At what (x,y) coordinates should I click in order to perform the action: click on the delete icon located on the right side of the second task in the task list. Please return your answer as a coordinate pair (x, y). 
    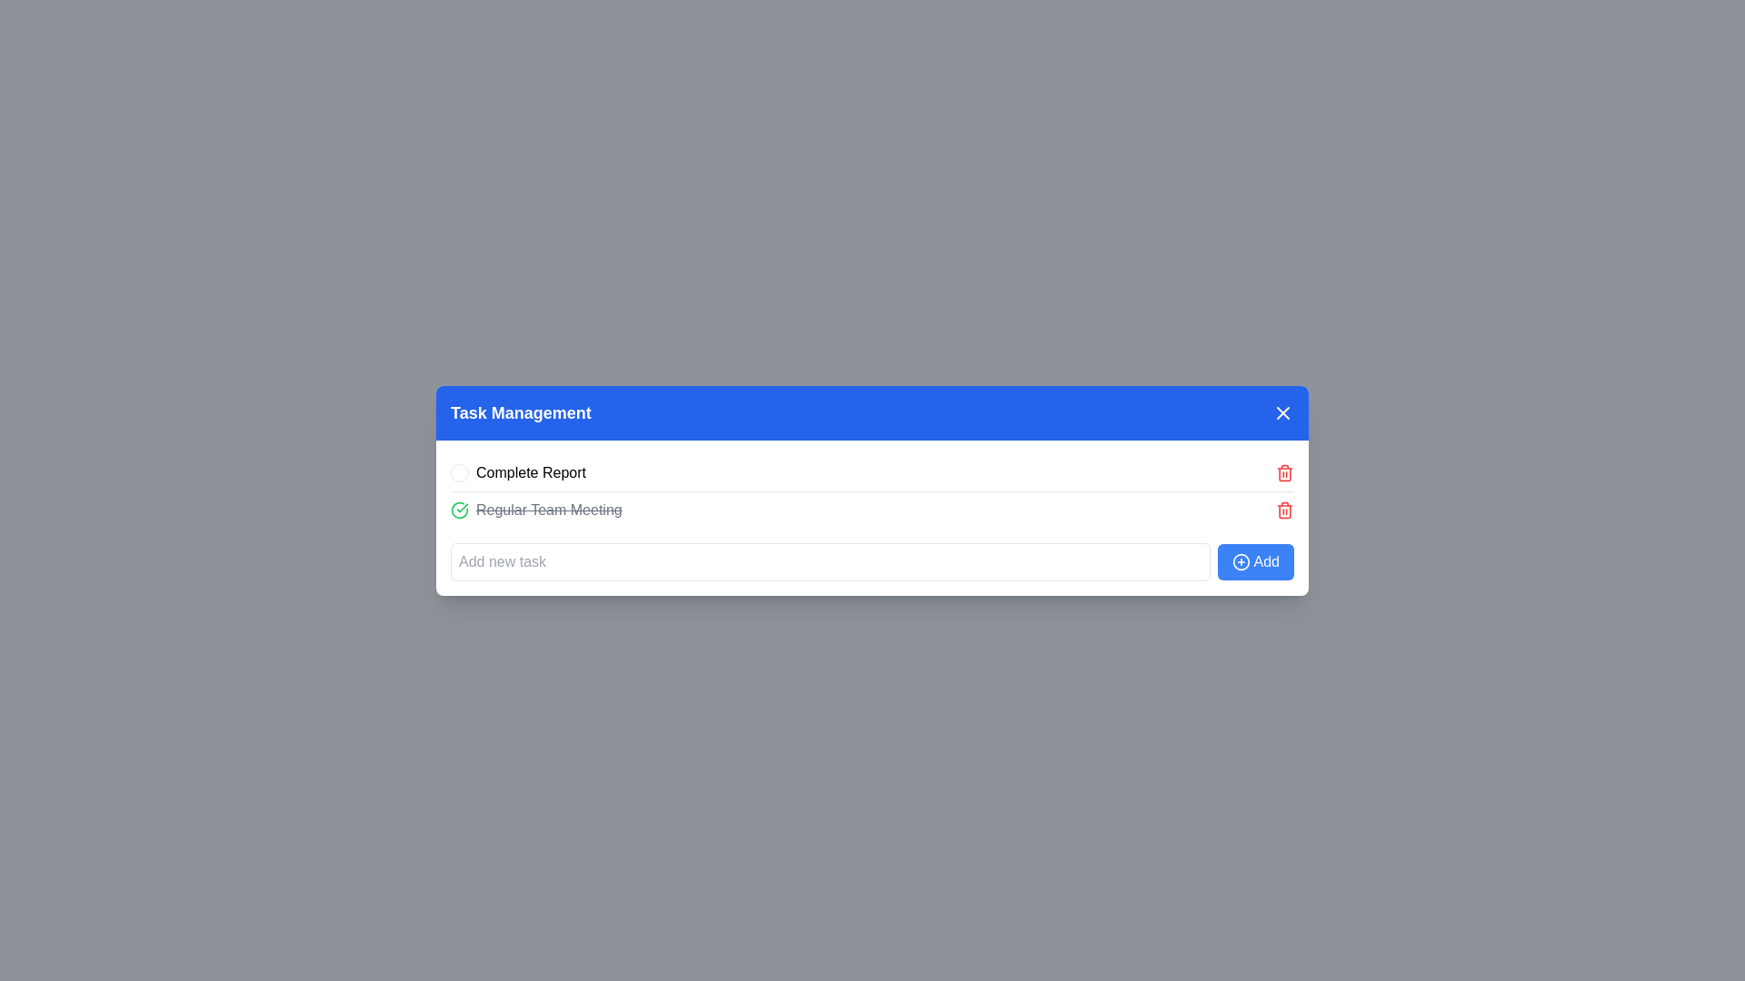
    Looking at the image, I should click on (1284, 472).